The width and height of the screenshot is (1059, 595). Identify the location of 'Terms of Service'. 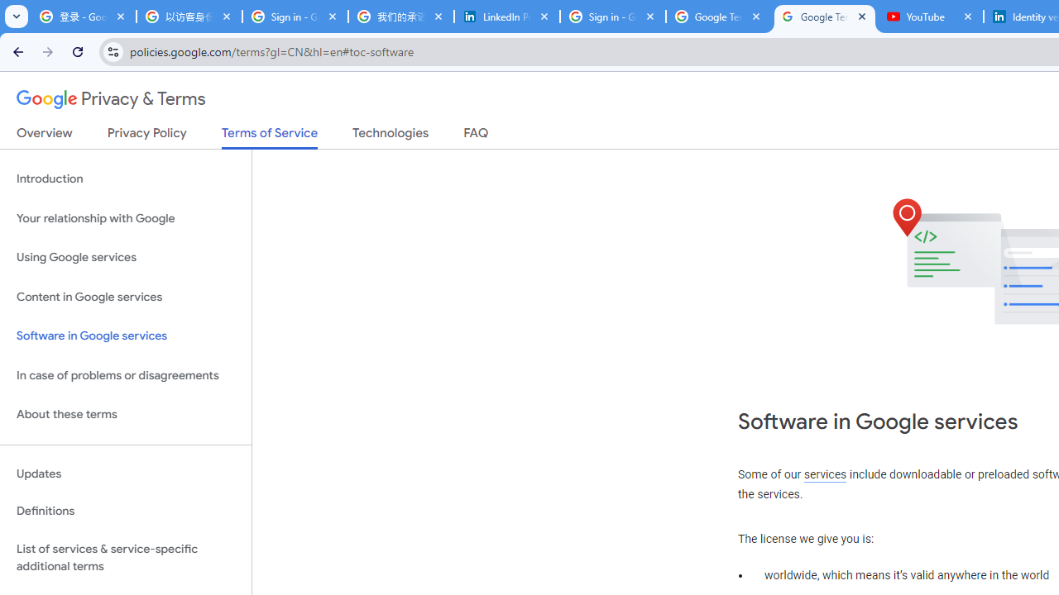
(270, 136).